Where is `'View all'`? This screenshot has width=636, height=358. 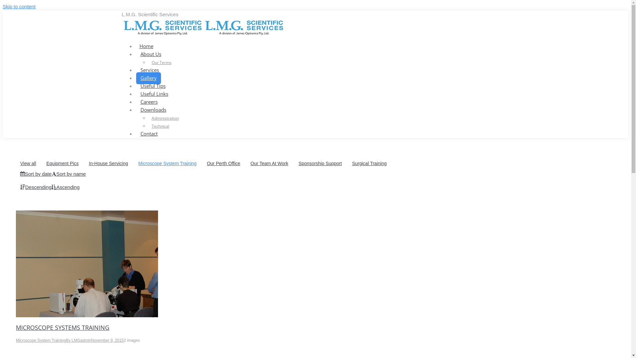
'View all' is located at coordinates (28, 163).